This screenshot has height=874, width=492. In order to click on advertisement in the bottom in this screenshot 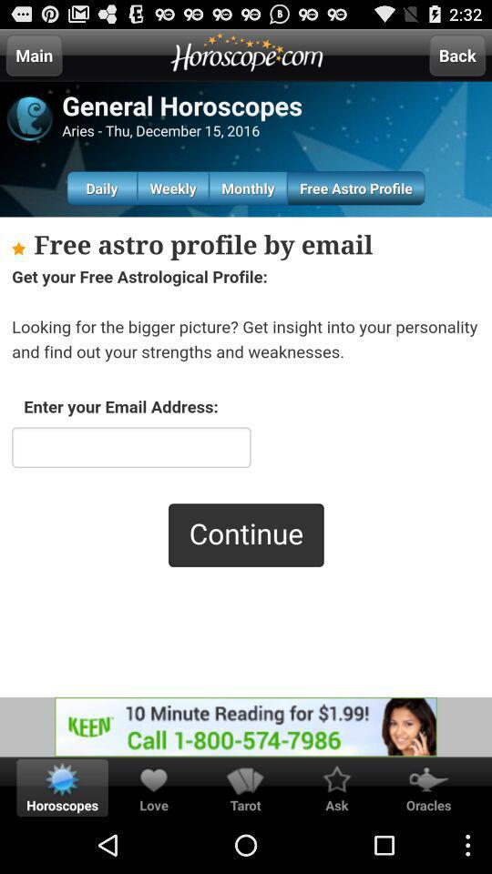, I will do `click(246, 727)`.